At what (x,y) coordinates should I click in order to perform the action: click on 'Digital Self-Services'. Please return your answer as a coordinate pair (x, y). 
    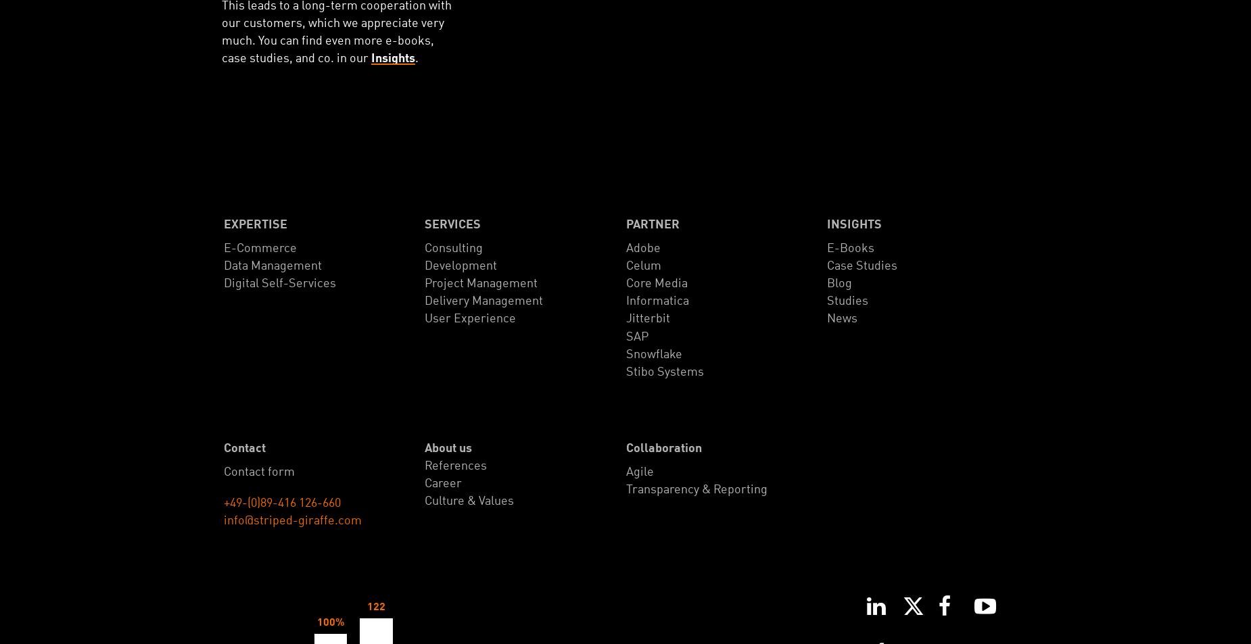
    Looking at the image, I should click on (279, 282).